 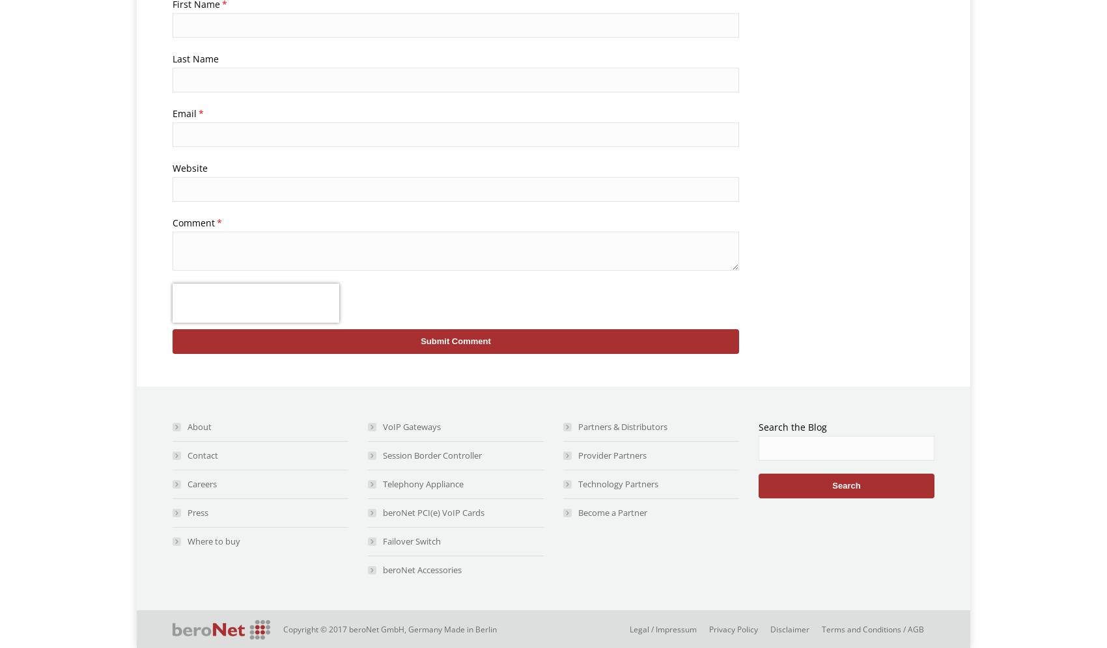 What do you see at coordinates (612, 513) in the screenshot?
I see `'Become a Partner'` at bounding box center [612, 513].